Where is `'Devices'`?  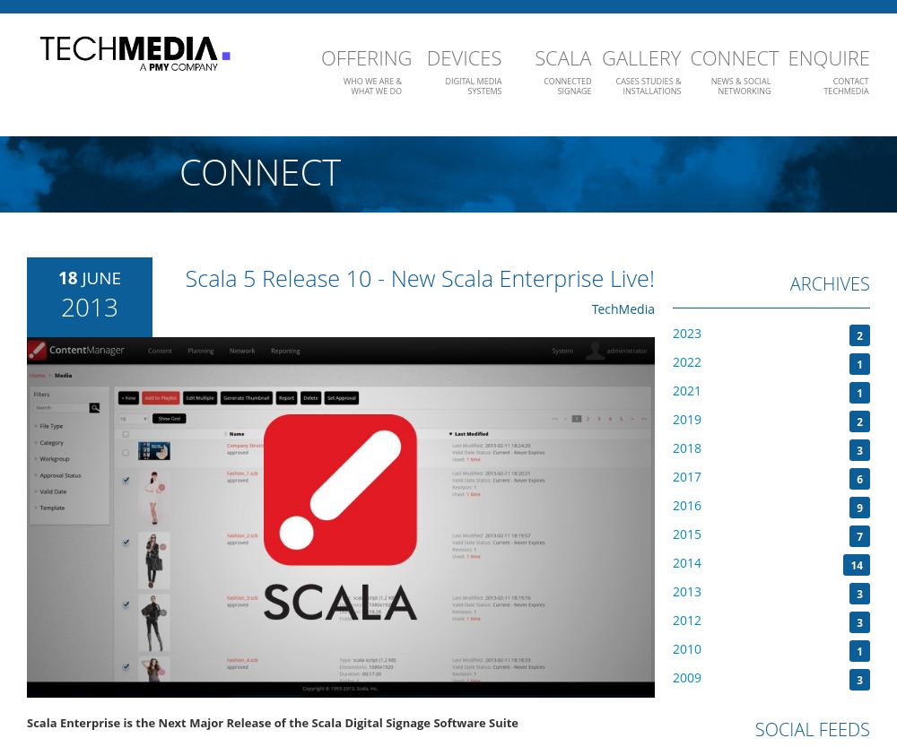
'Devices' is located at coordinates (425, 56).